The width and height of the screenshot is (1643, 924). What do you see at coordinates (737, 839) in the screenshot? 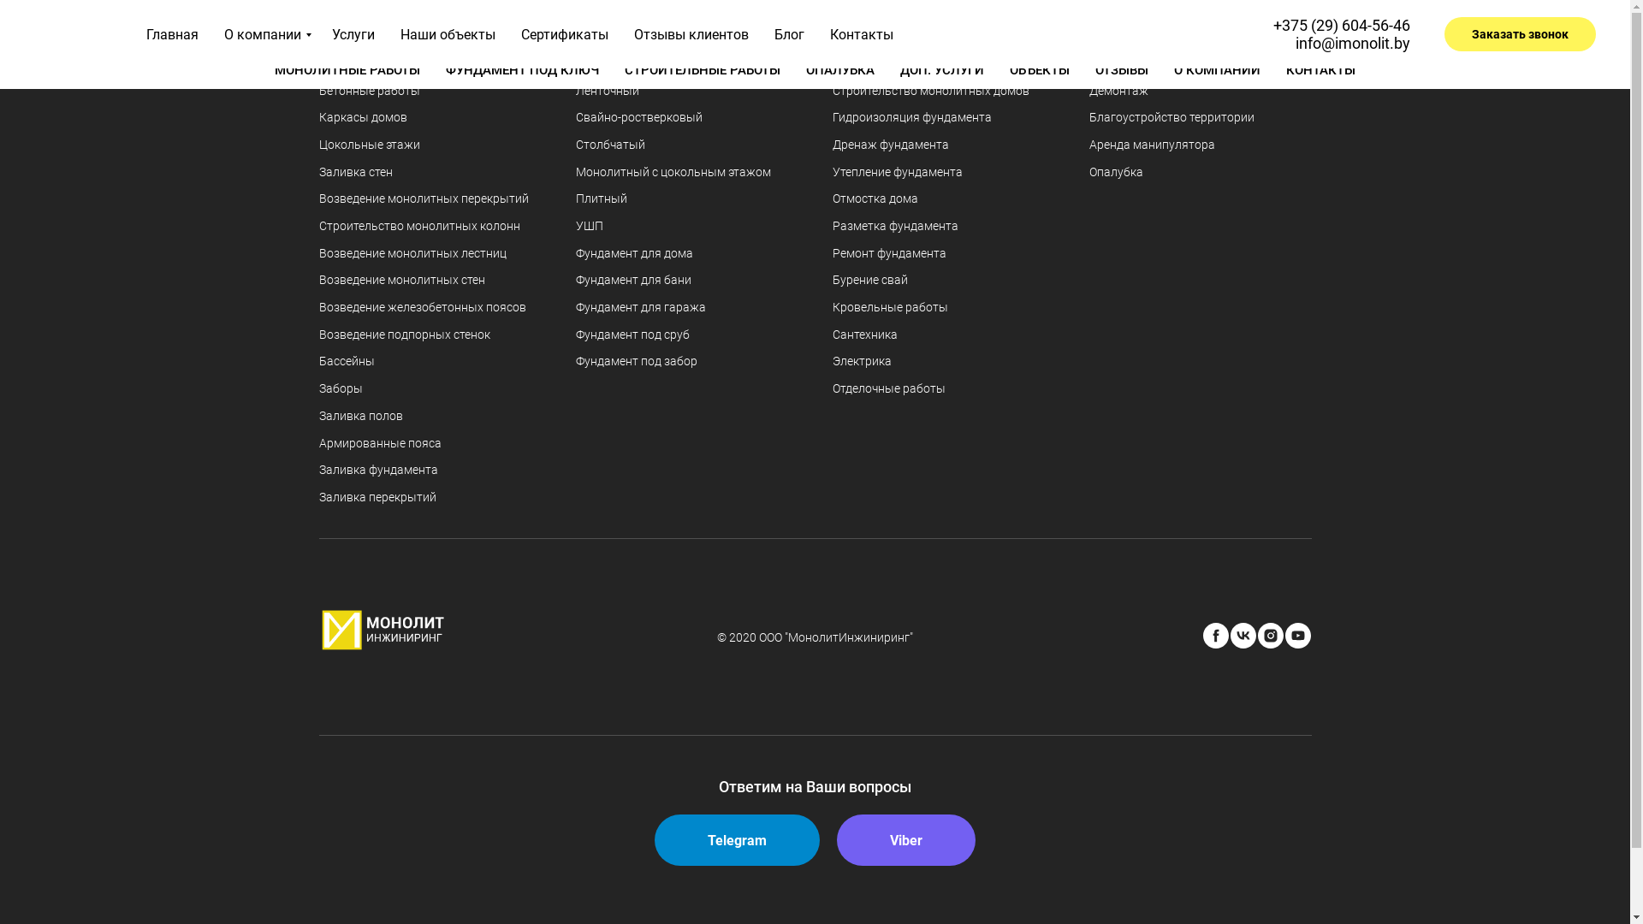
I see `'Telegram'` at bounding box center [737, 839].